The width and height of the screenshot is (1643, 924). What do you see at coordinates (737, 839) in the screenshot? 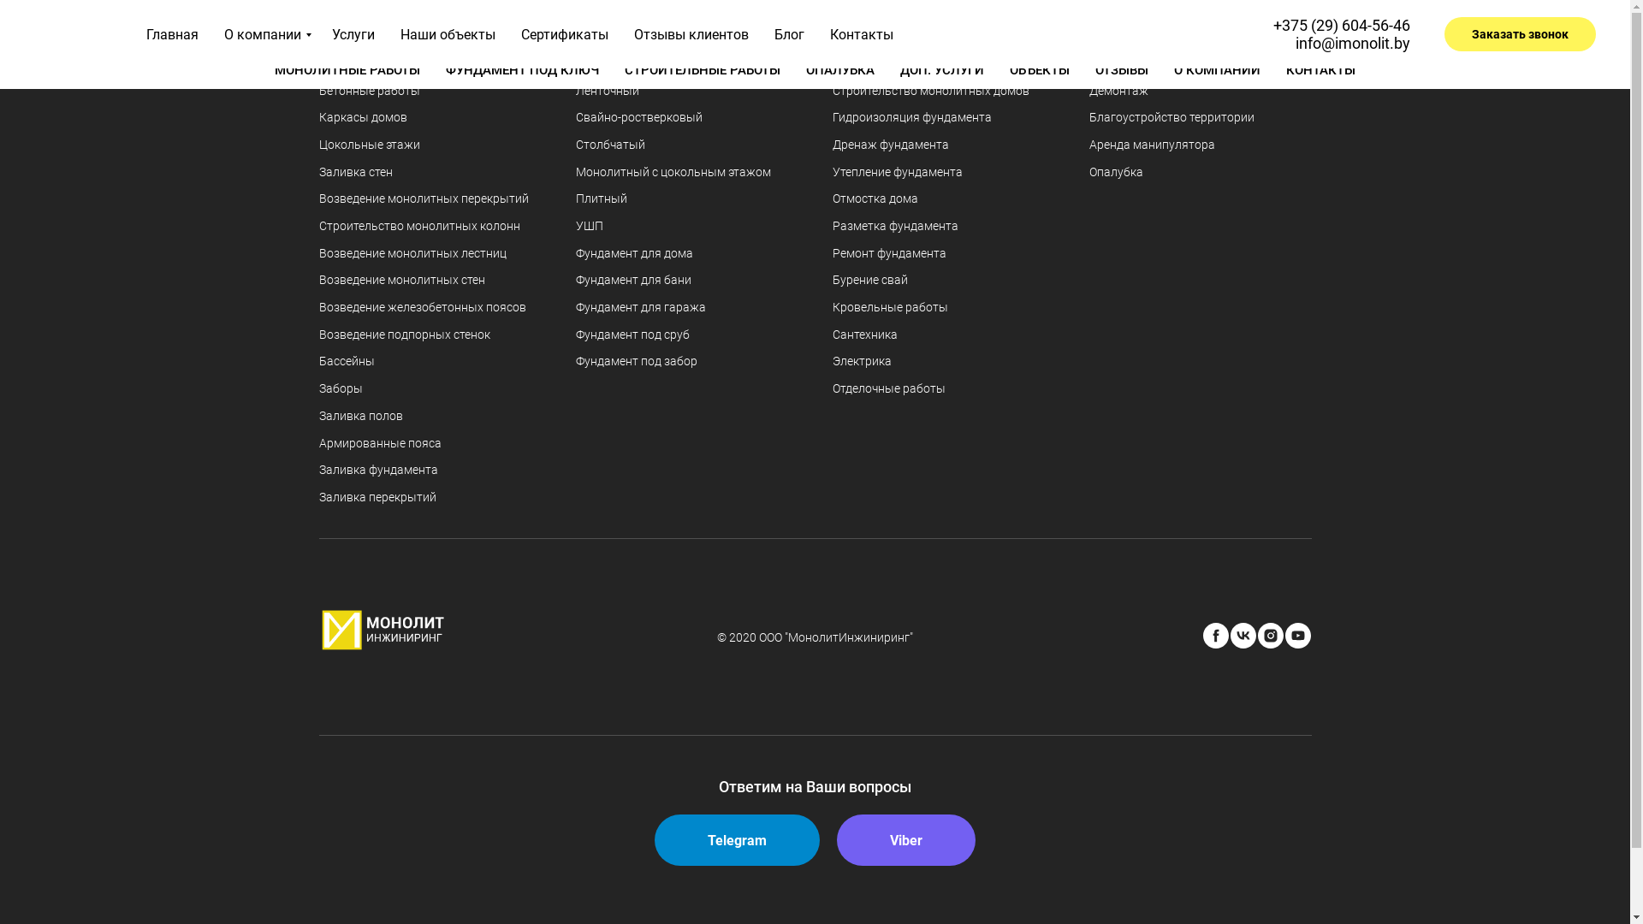
I see `'Telegram'` at bounding box center [737, 839].